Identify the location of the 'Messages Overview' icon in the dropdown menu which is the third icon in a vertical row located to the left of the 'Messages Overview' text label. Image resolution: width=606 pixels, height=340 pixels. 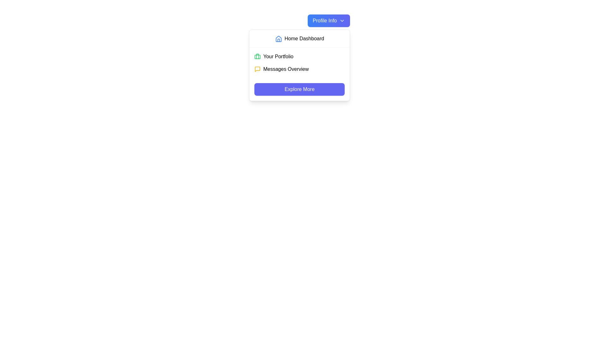
(258, 69).